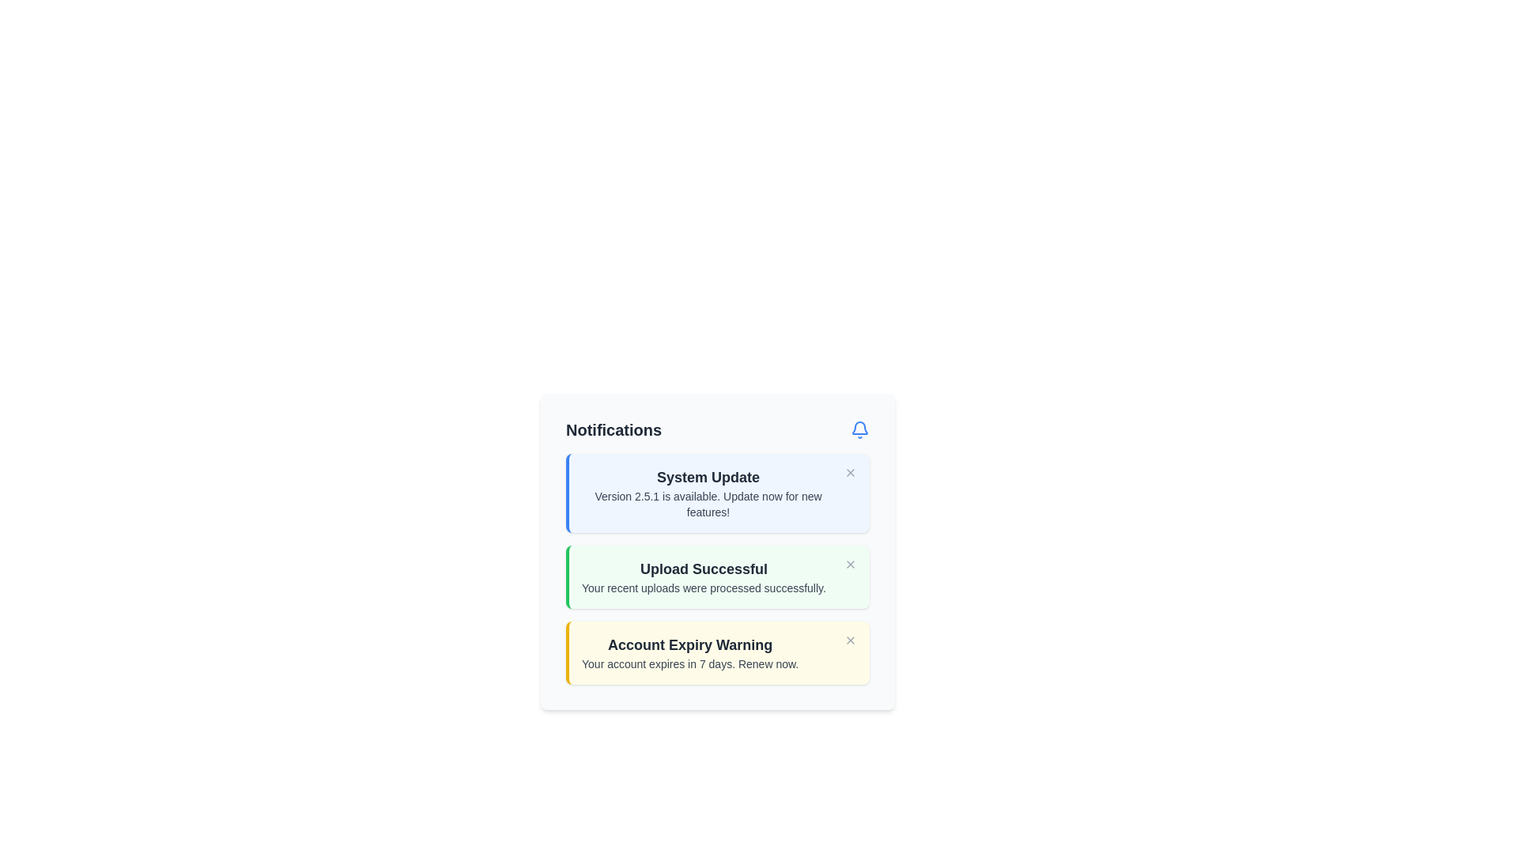 Image resolution: width=1518 pixels, height=854 pixels. What do you see at coordinates (708, 504) in the screenshot?
I see `the text label displaying the message 'Version 2.5.1 is available. Update now for new features!' located beneath the 'System Update' header in the notification card` at bounding box center [708, 504].